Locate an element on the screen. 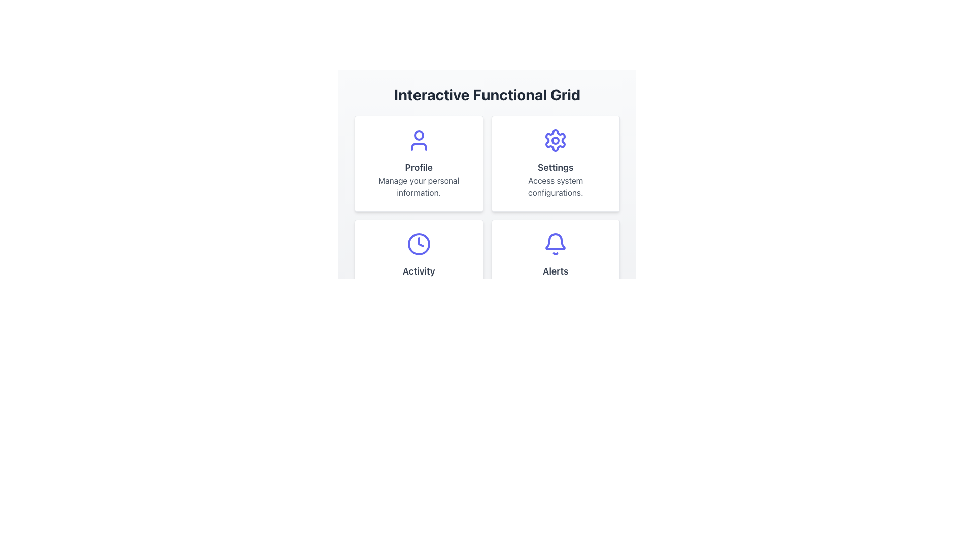  the text label providing additional descriptive information about the 'Settings' feature, which is positioned under the 'Settings' heading and aligned with the gear icon is located at coordinates (555, 186).